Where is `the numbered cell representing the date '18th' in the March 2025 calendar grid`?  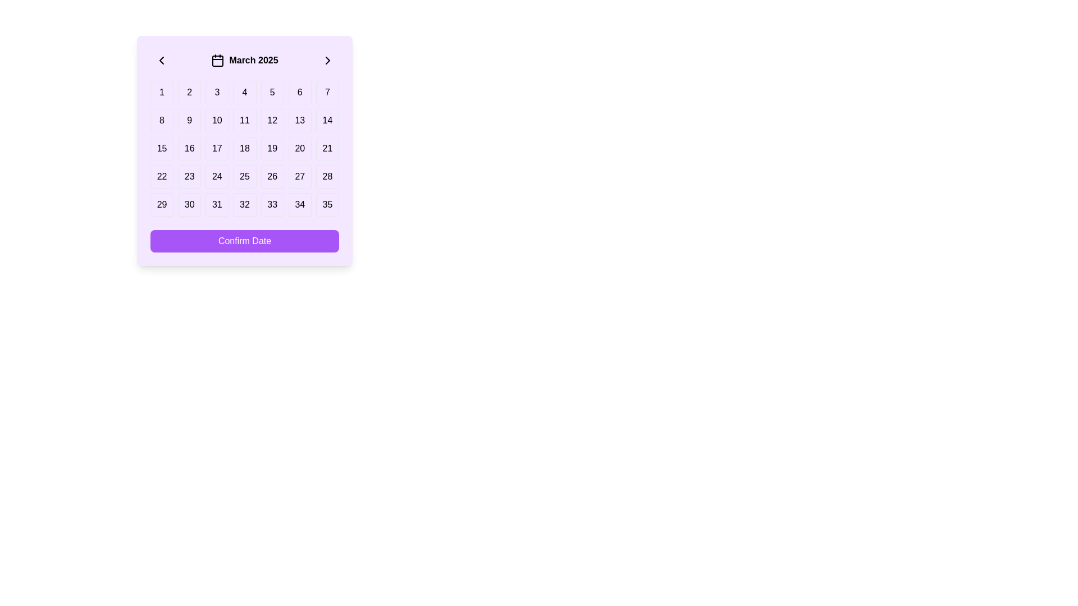
the numbered cell representing the date '18th' in the March 2025 calendar grid is located at coordinates (244, 148).